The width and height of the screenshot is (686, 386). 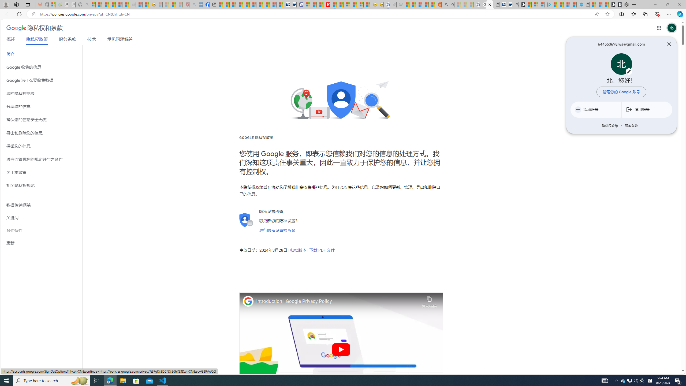 I want to click on 'Bing Real Estate - Home sales and rental listings', so click(x=515, y=4).